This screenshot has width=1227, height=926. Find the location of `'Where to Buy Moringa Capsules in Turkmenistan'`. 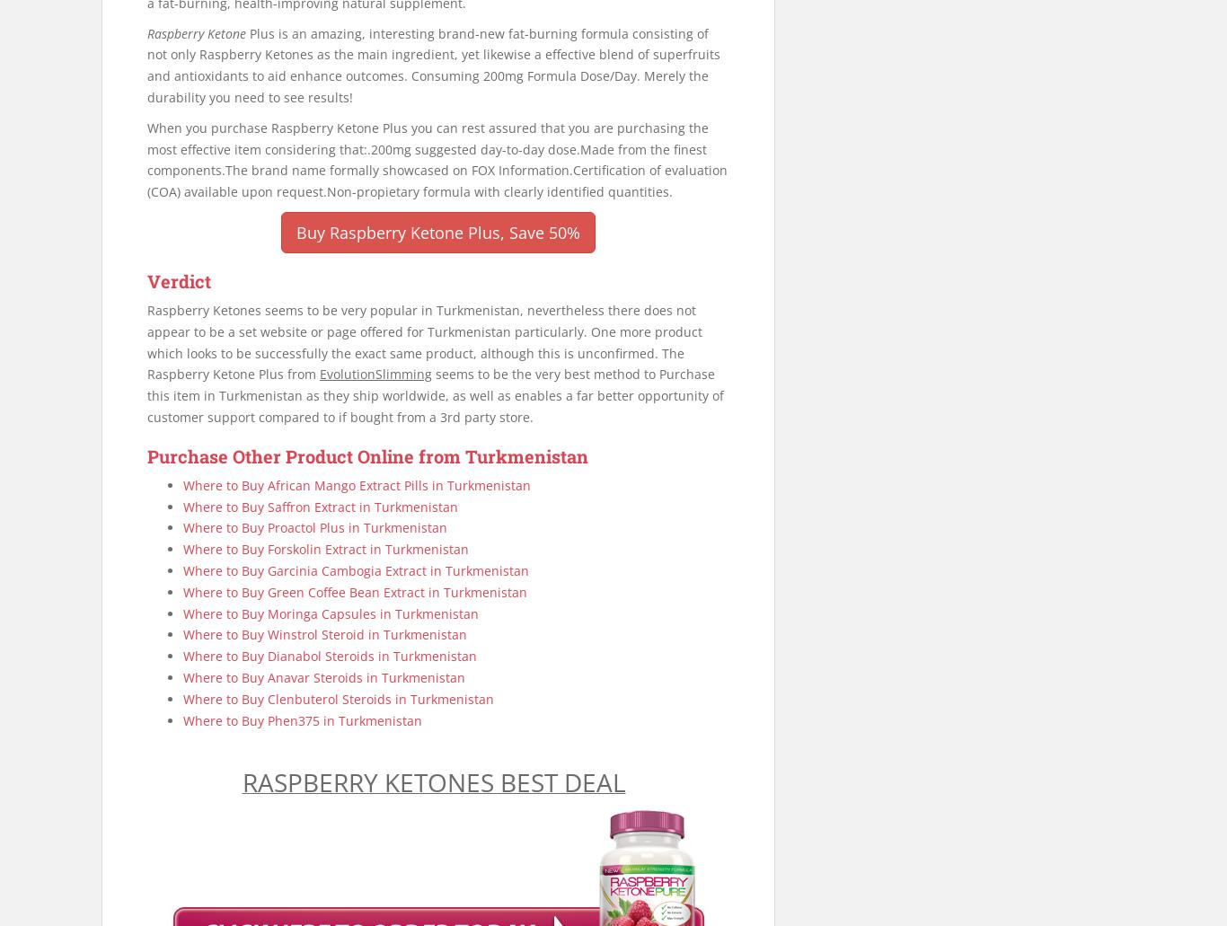

'Where to Buy Moringa Capsules in Turkmenistan' is located at coordinates (330, 613).